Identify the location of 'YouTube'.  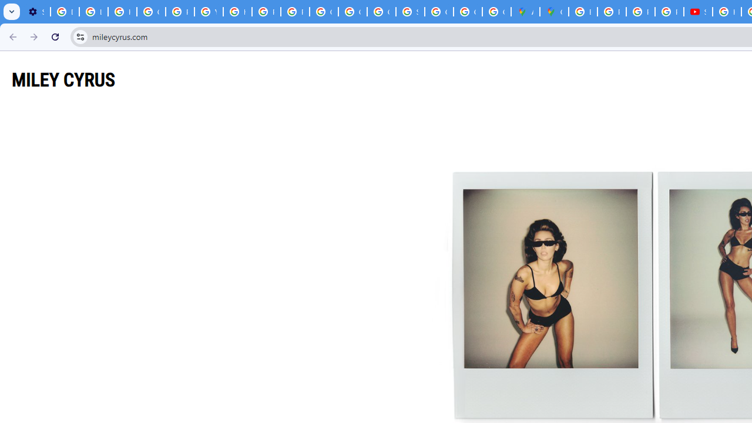
(209, 12).